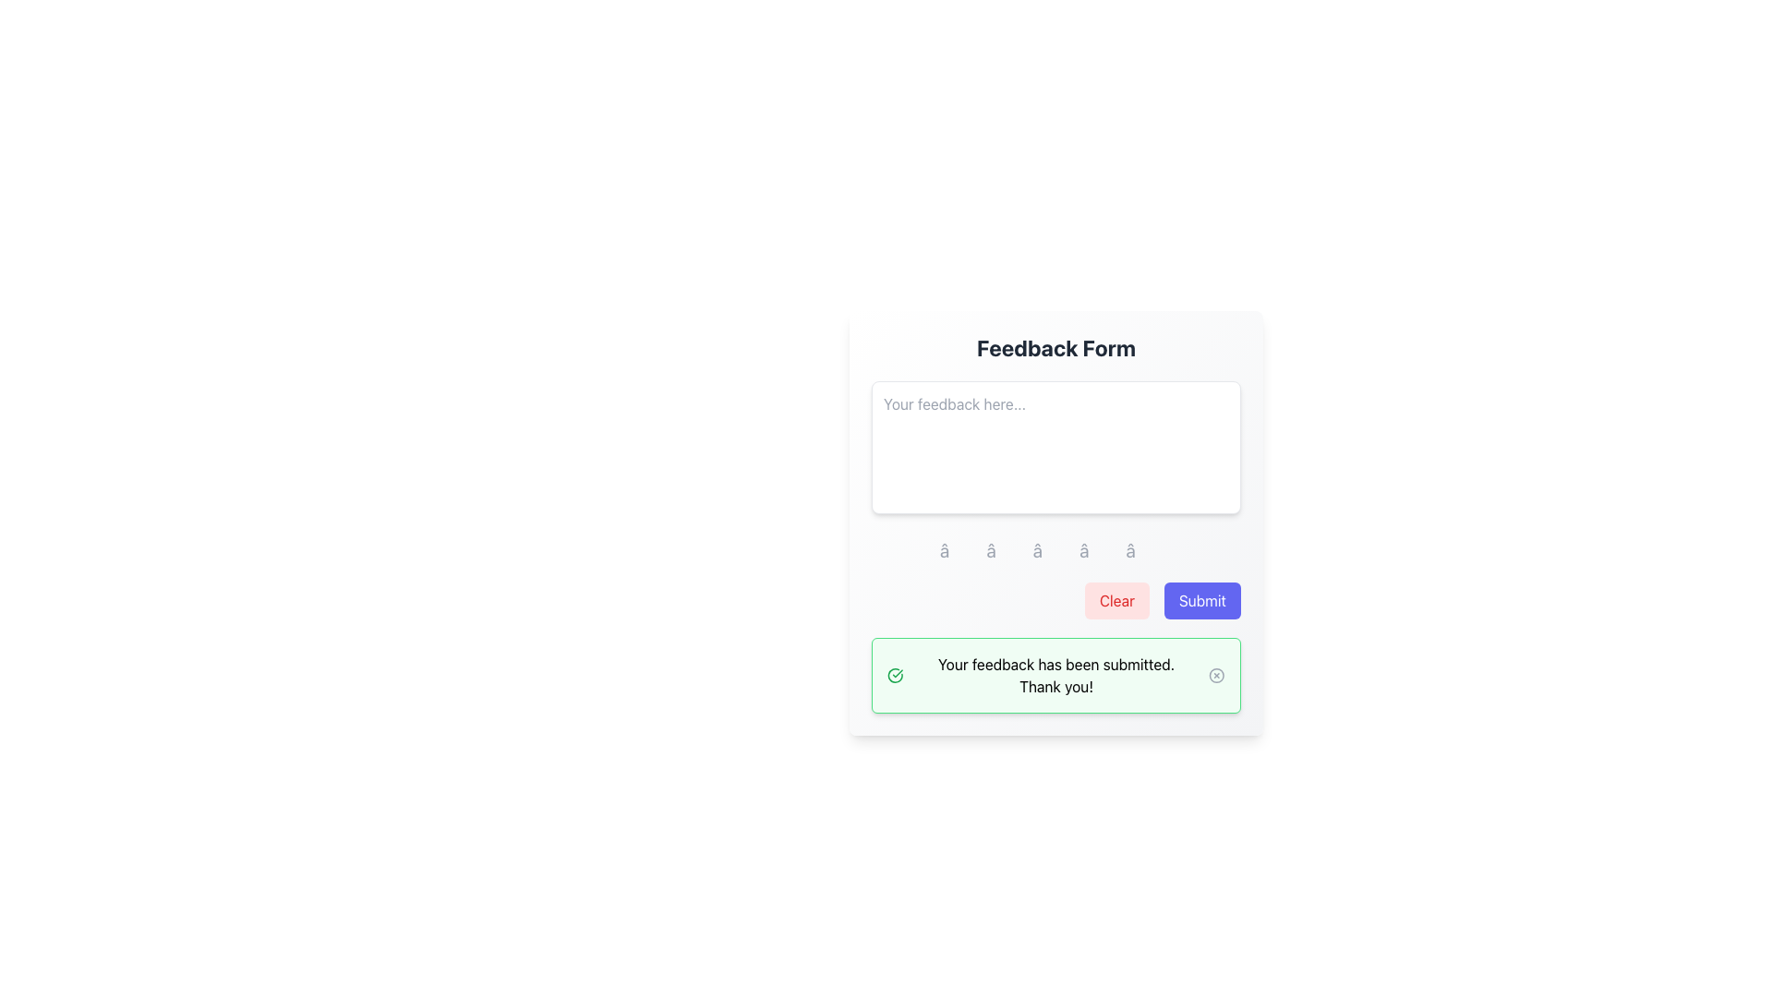 The image size is (1773, 997). Describe the element at coordinates (1148, 550) in the screenshot. I see `the fifth star in the rating system to give a rating` at that location.